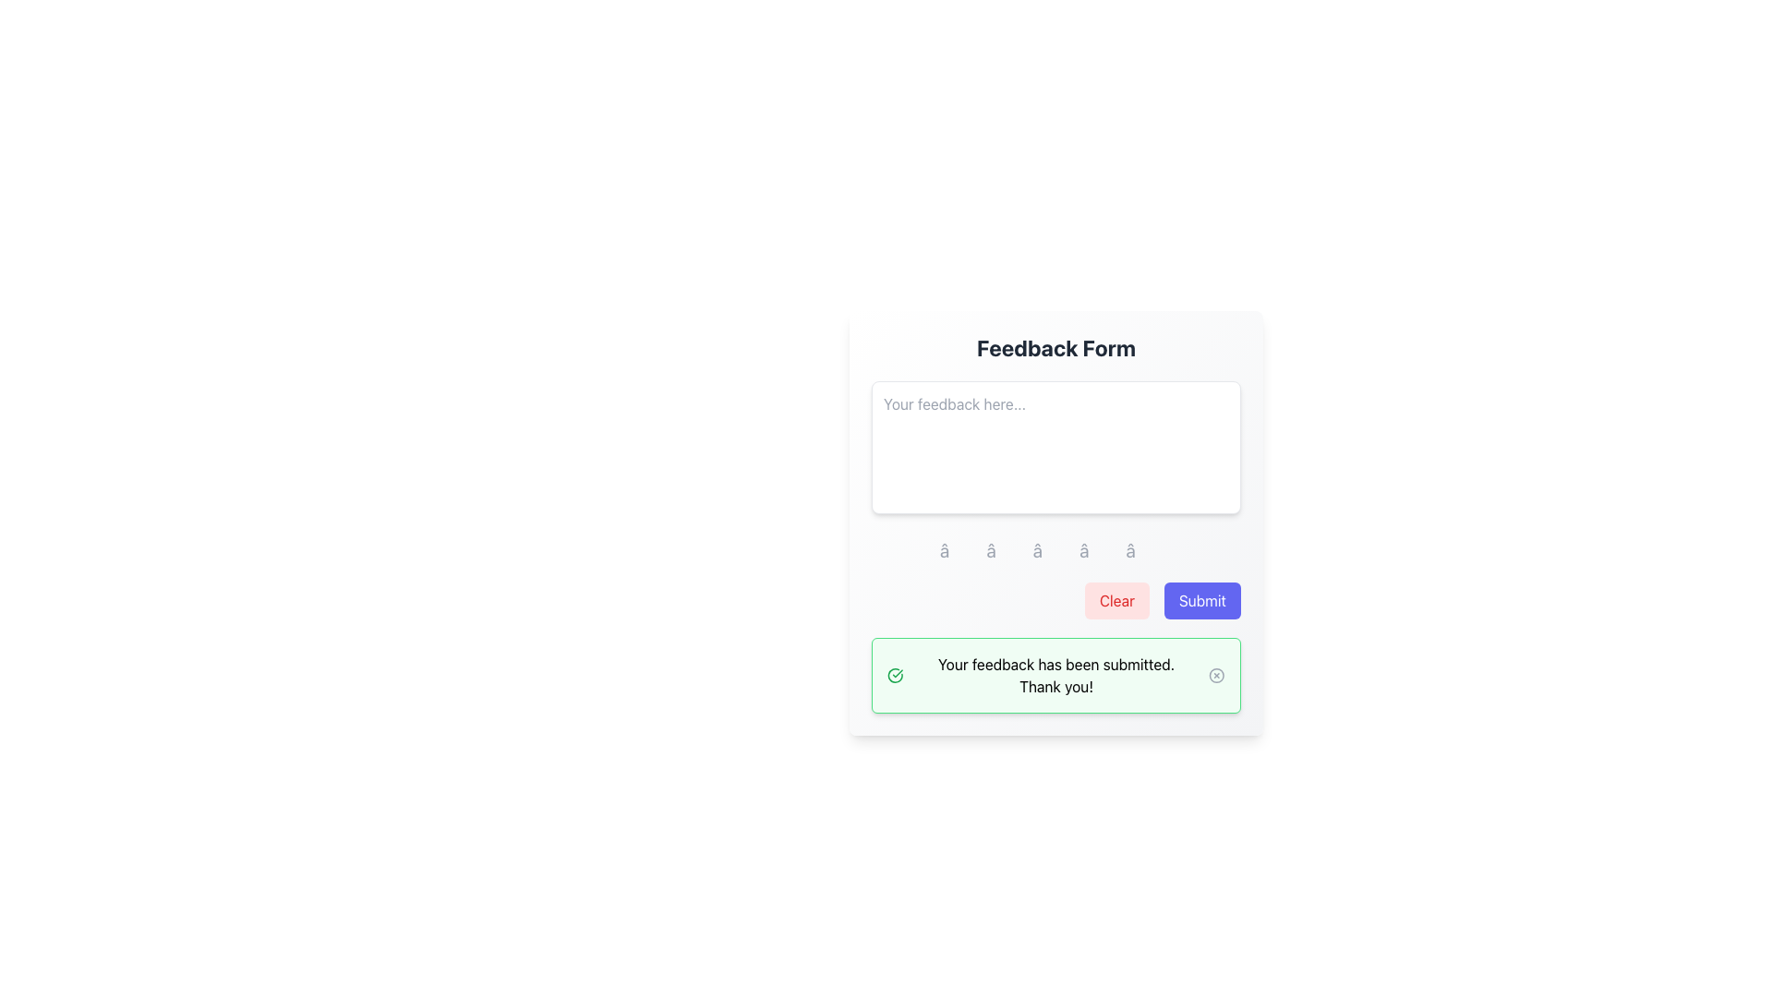 The image size is (1773, 997). Describe the element at coordinates (1148, 550) in the screenshot. I see `the fifth star in the rating system to give a rating` at that location.